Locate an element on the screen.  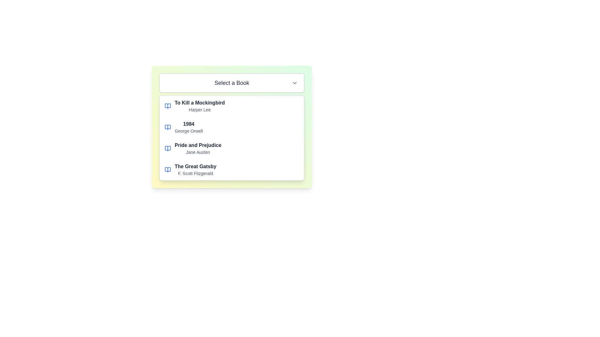
the book icon for 'The Great Gatsby', which is positioned to the left of the book title and author, serving as a decorative identifier symbol is located at coordinates (168, 169).